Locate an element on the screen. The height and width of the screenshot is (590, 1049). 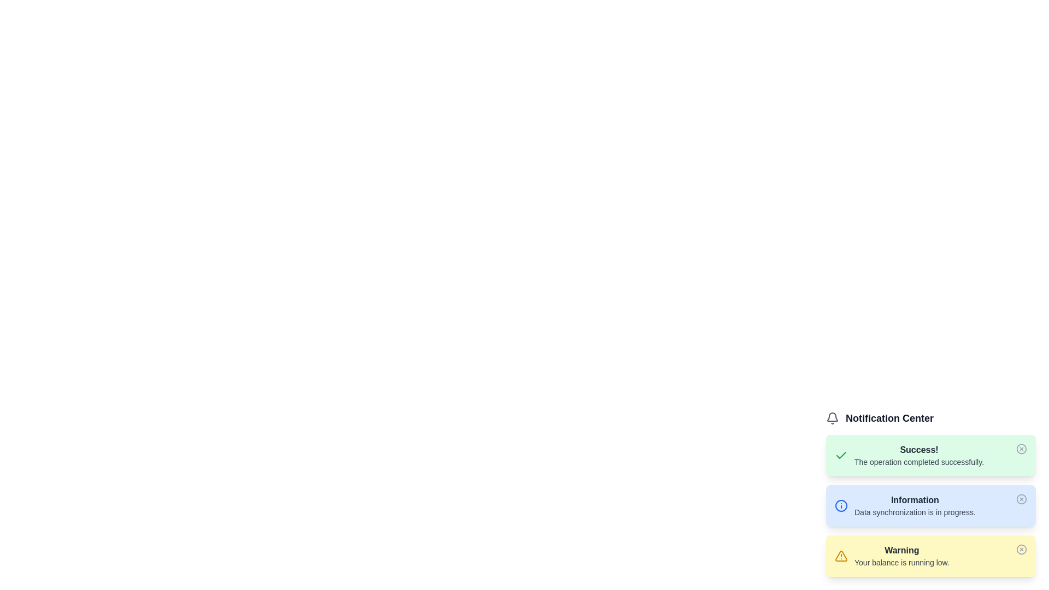
the Text Label indicating successful completion of an operation in the Notification Center, which is located within the green notification card is located at coordinates (918, 455).